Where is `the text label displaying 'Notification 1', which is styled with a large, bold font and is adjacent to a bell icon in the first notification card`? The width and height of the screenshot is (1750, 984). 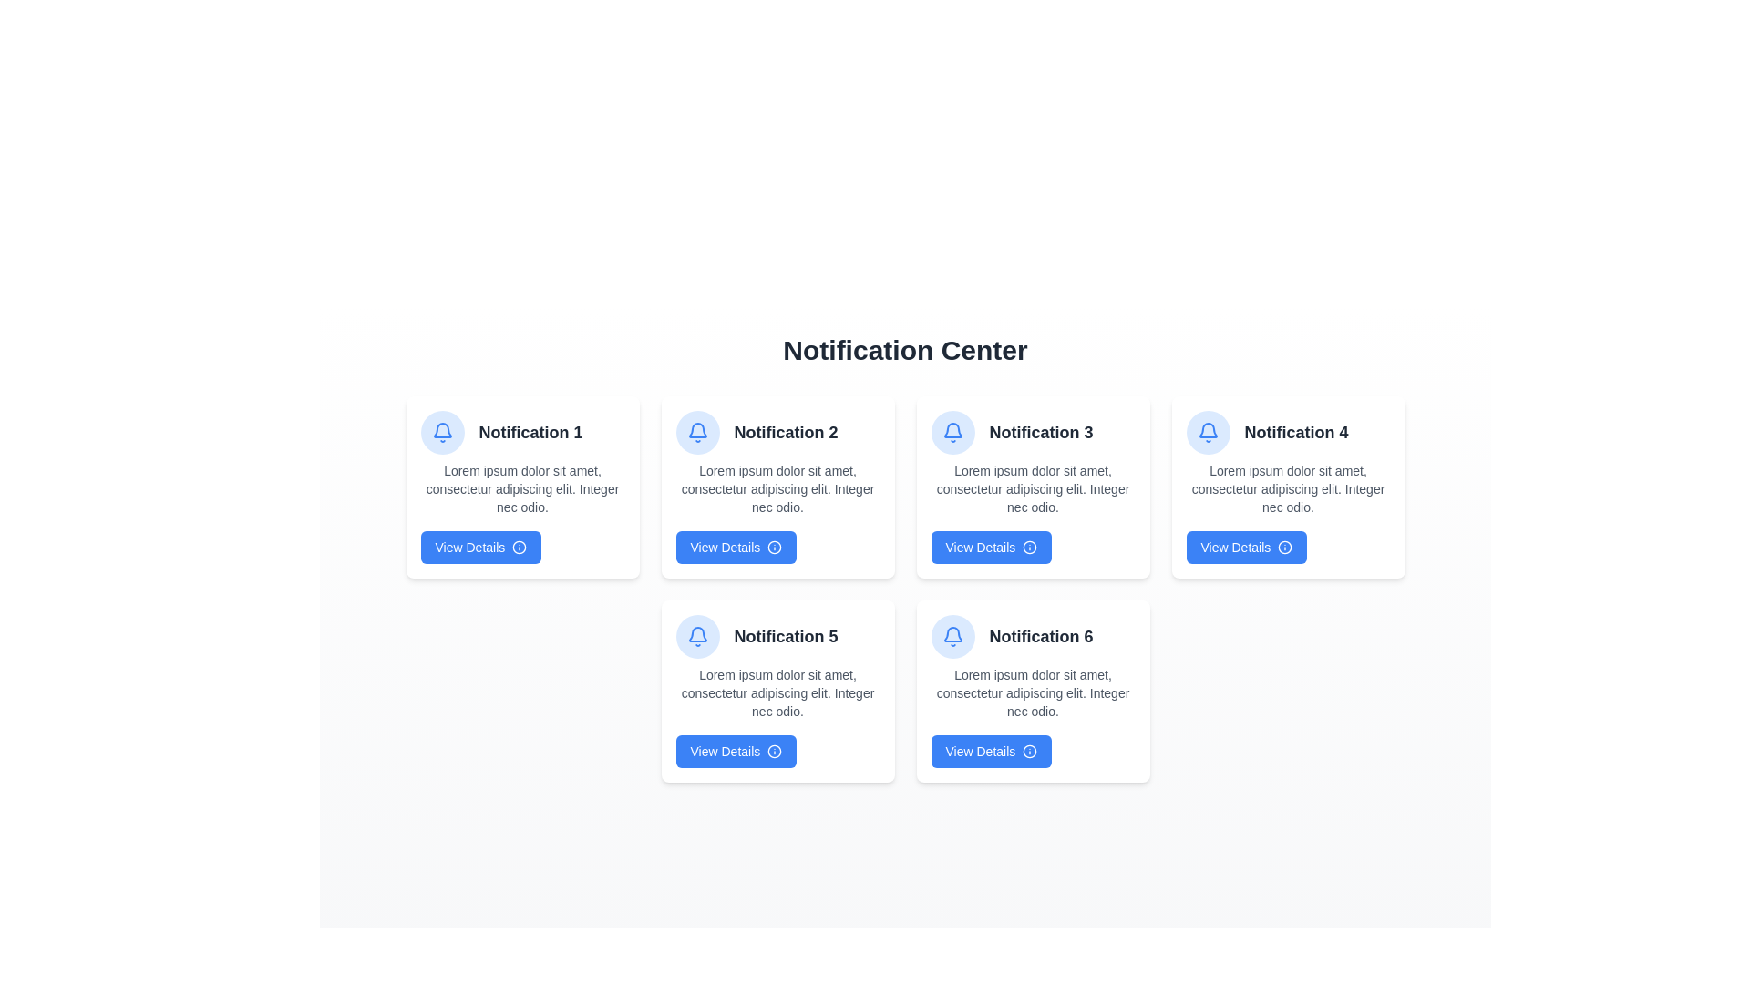 the text label displaying 'Notification 1', which is styled with a large, bold font and is adjacent to a bell icon in the first notification card is located at coordinates (530, 432).